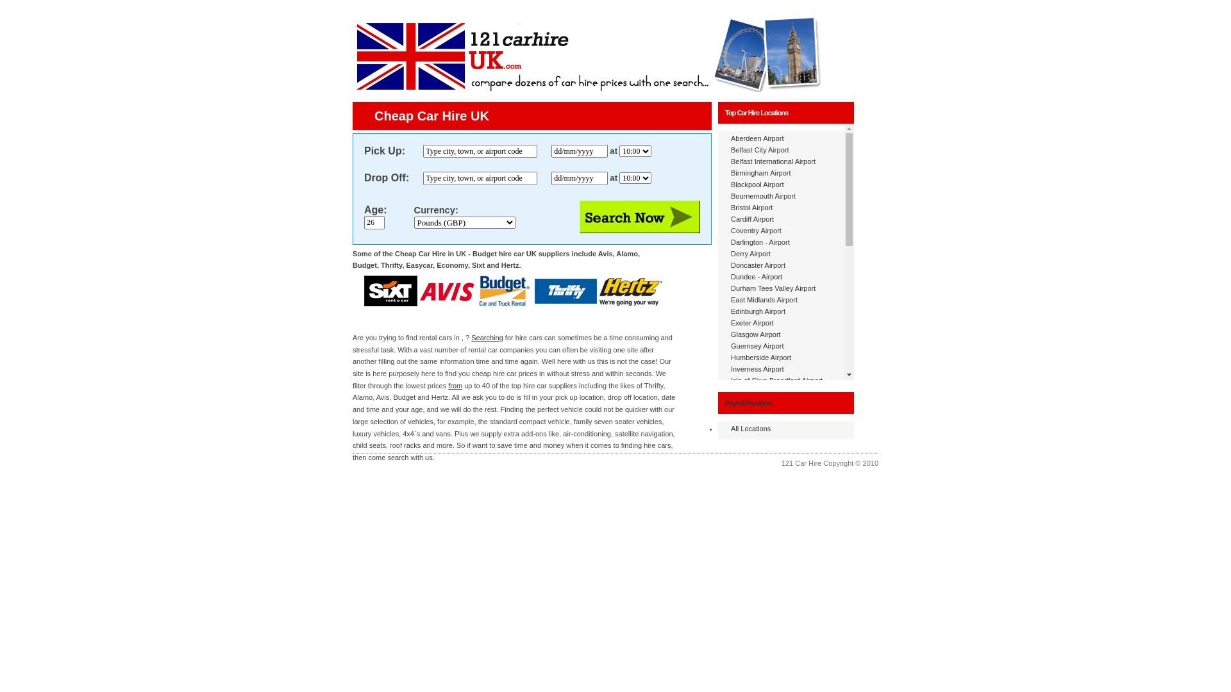  I want to click on 'Humberside Airport', so click(760, 358).